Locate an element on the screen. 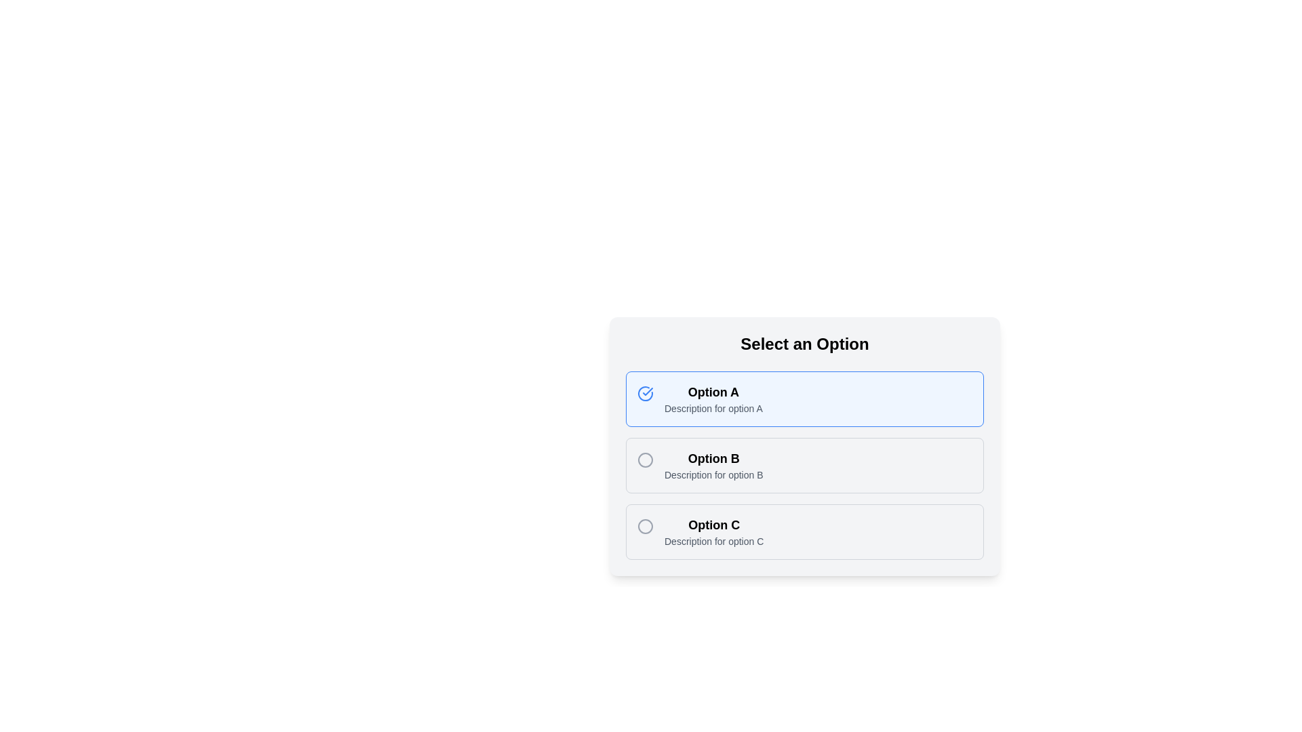  header text of the 'Option C' card, which serves as the title or label helping users identify this specific choice in the list is located at coordinates (713, 525).